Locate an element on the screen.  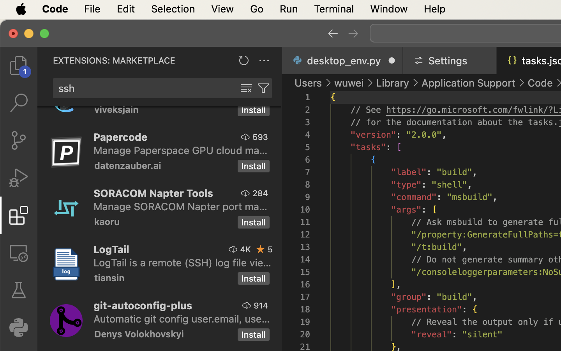
'' is located at coordinates (261, 249).